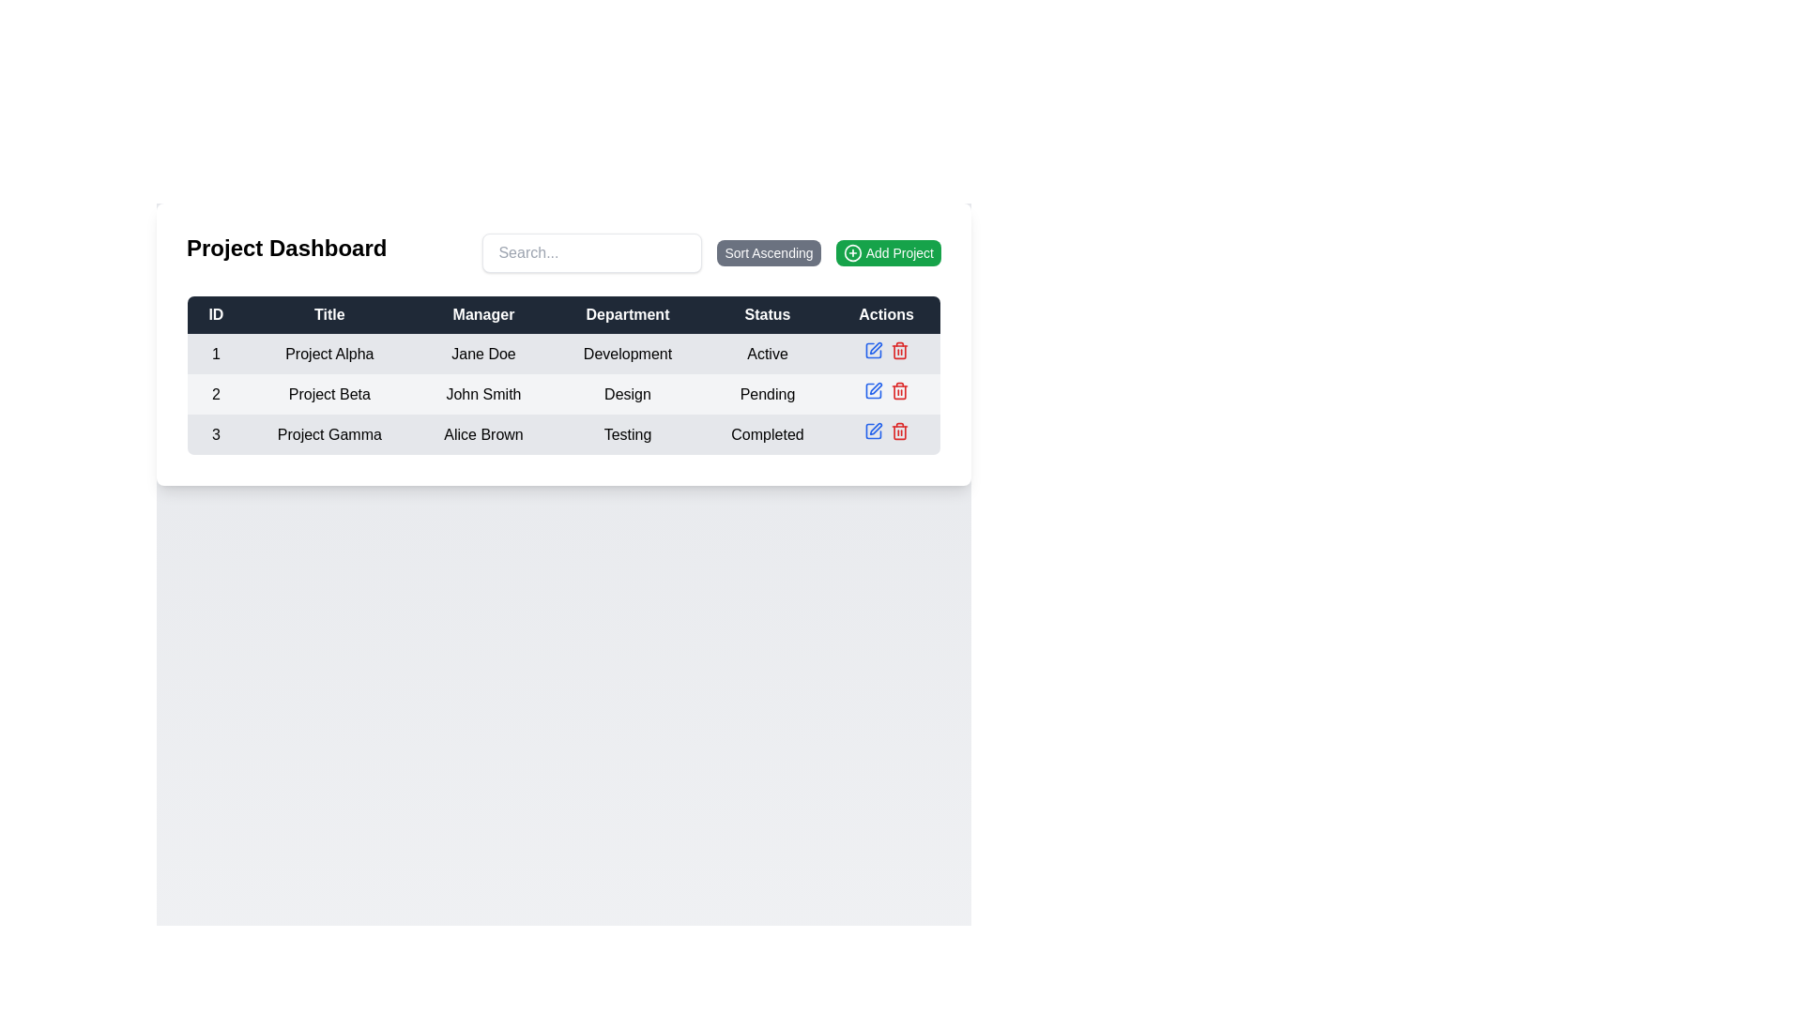  Describe the element at coordinates (885, 393) in the screenshot. I see `the blank cell in the last column of the 'Project Beta' row in the table` at that location.